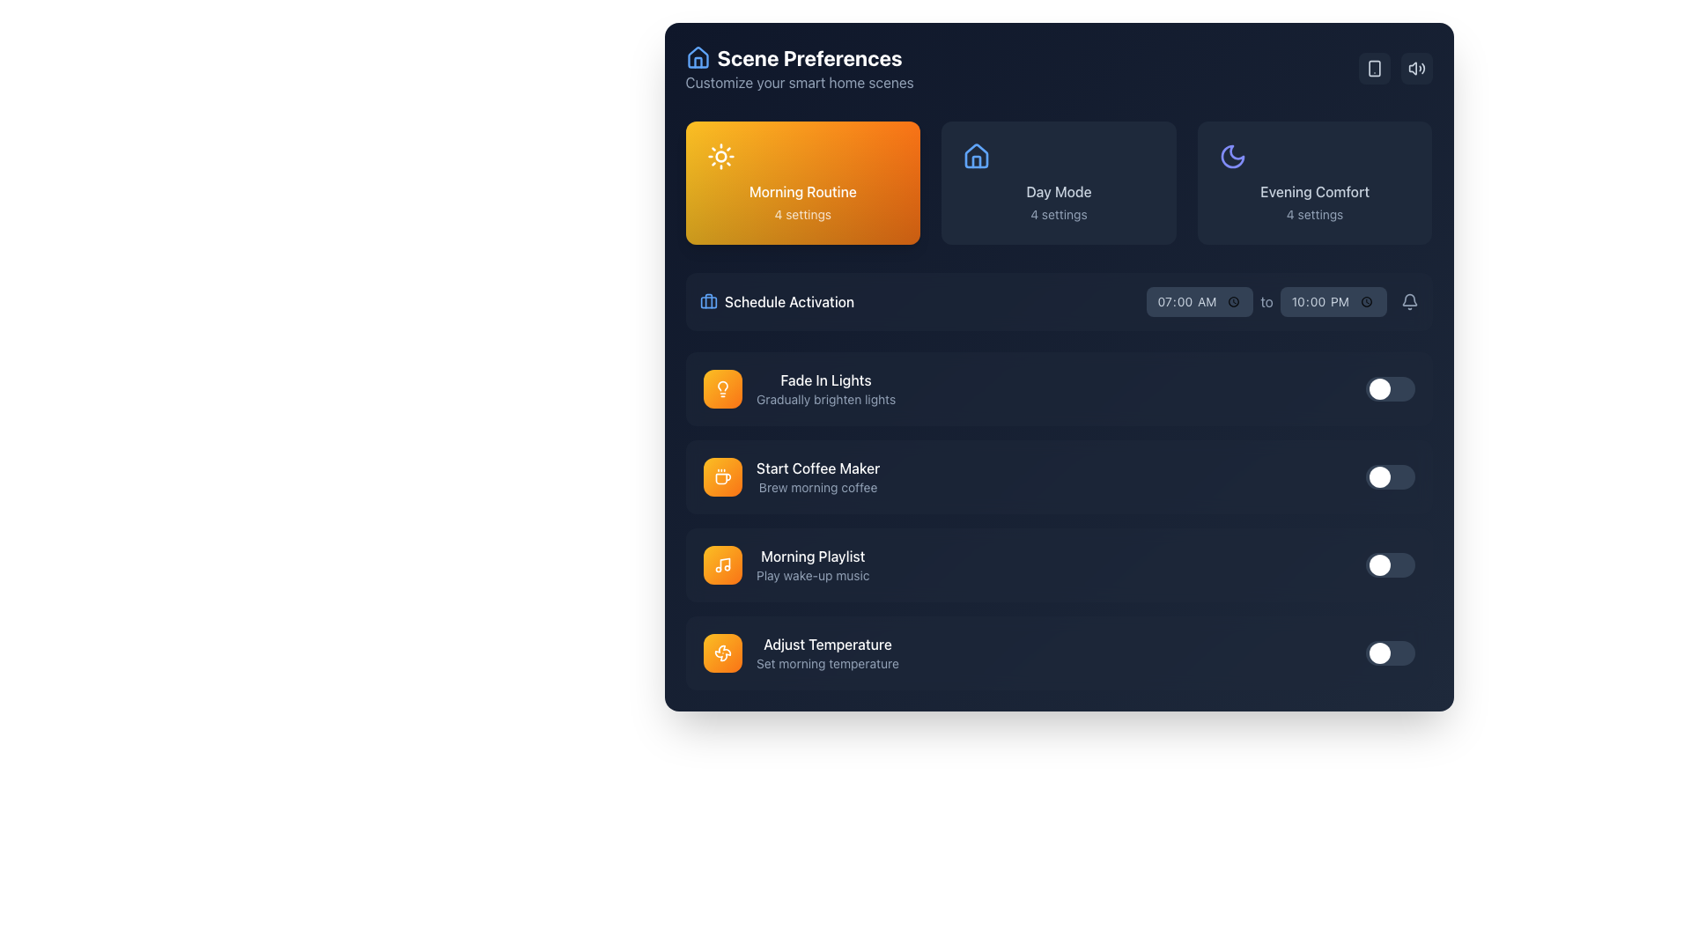 This screenshot has width=1691, height=951. Describe the element at coordinates (811, 564) in the screenshot. I see `the 'Morning Playlist' text element` at that location.